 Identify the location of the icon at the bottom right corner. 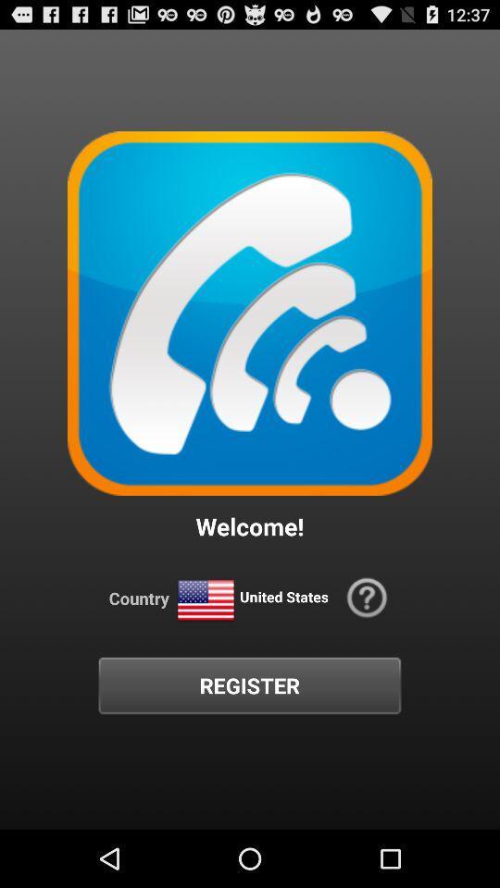
(367, 597).